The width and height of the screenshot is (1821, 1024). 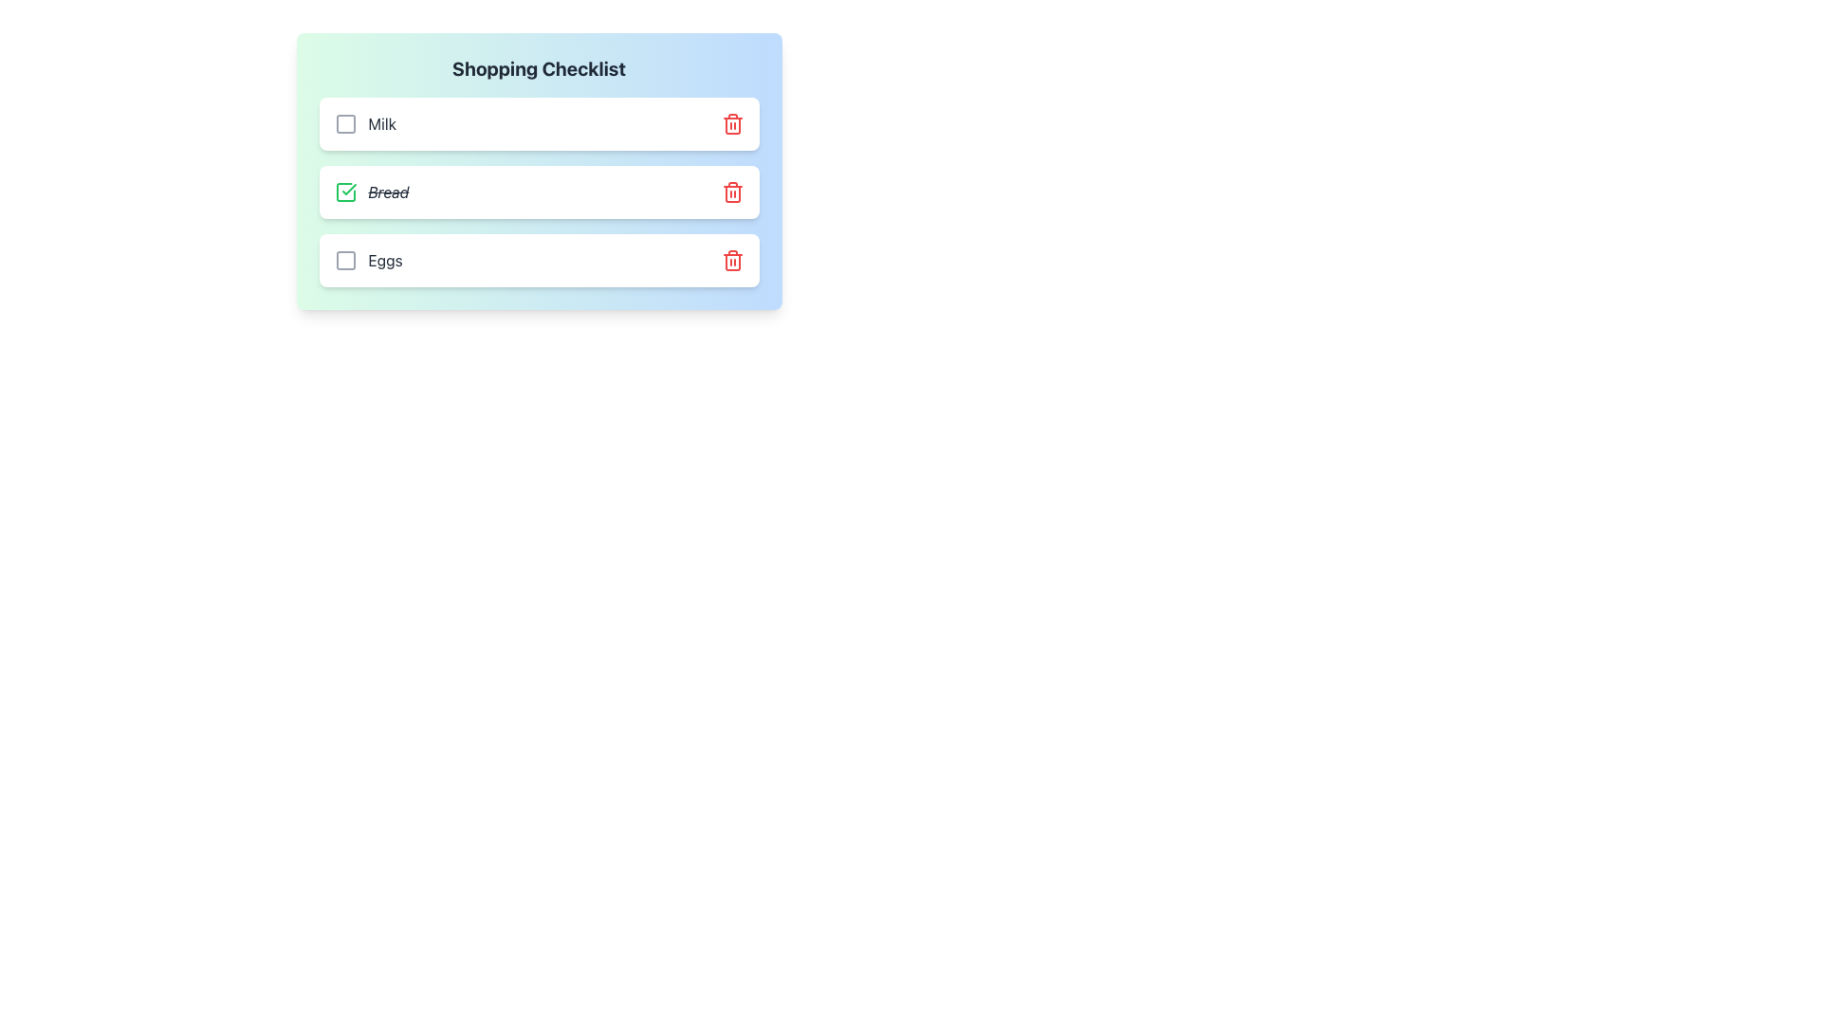 What do you see at coordinates (345, 192) in the screenshot?
I see `the styled square checkbox representing the completed state for the item 'Bread' in the shopping checklist` at bounding box center [345, 192].